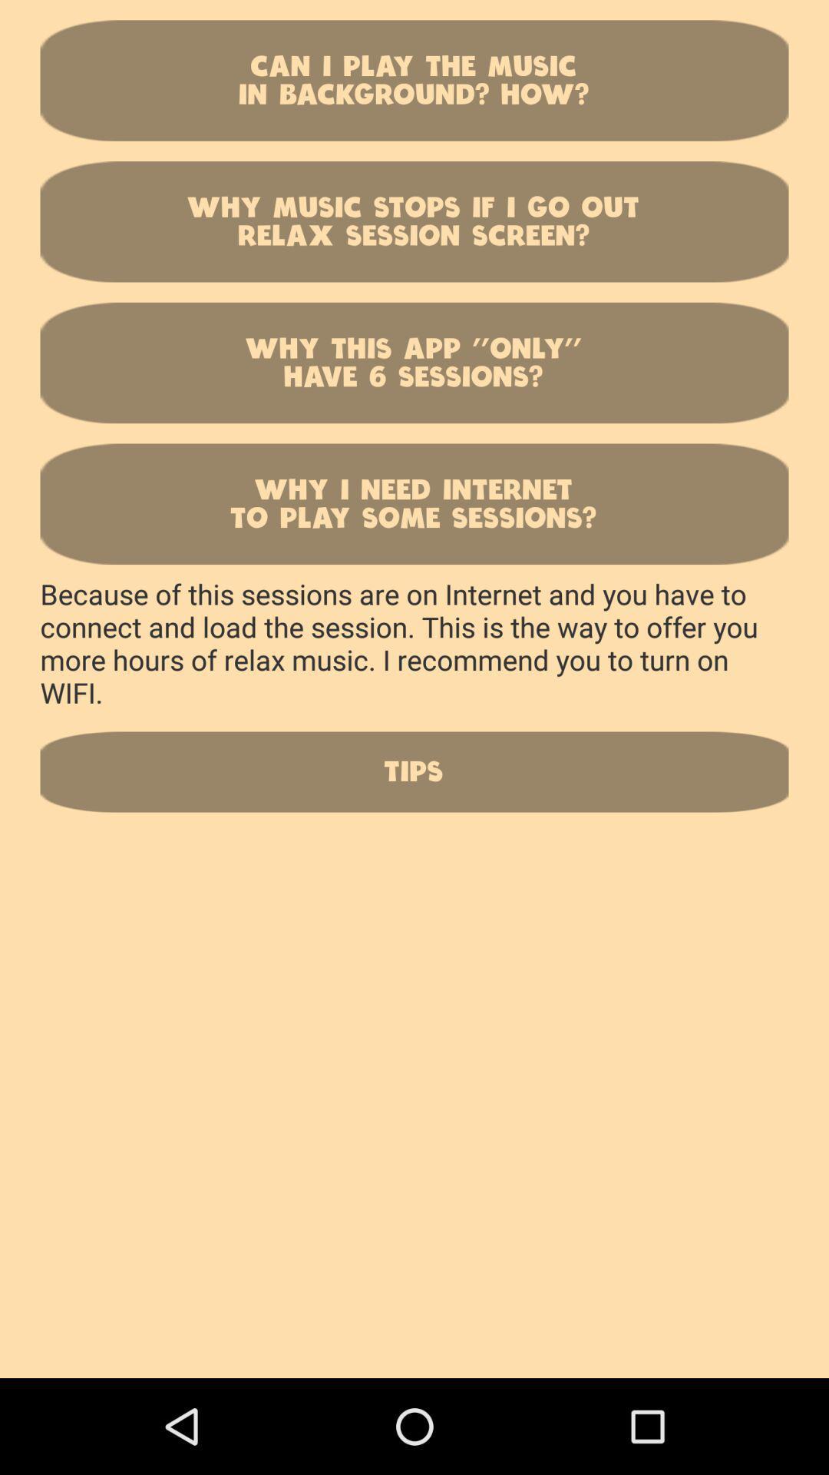  I want to click on the button above why i need button, so click(414, 362).